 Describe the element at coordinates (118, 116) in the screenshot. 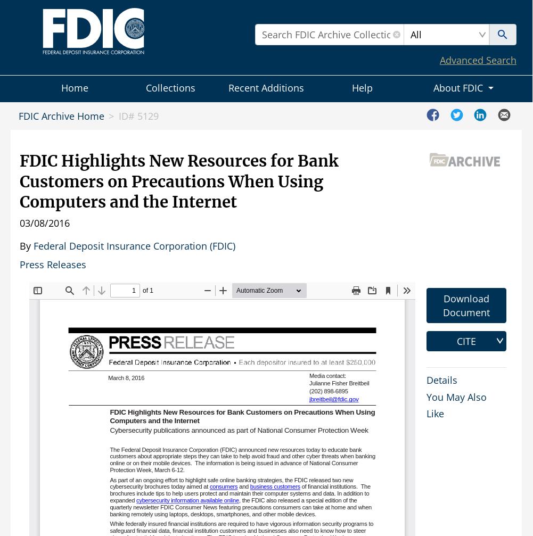

I see `'ID# 5129'` at that location.